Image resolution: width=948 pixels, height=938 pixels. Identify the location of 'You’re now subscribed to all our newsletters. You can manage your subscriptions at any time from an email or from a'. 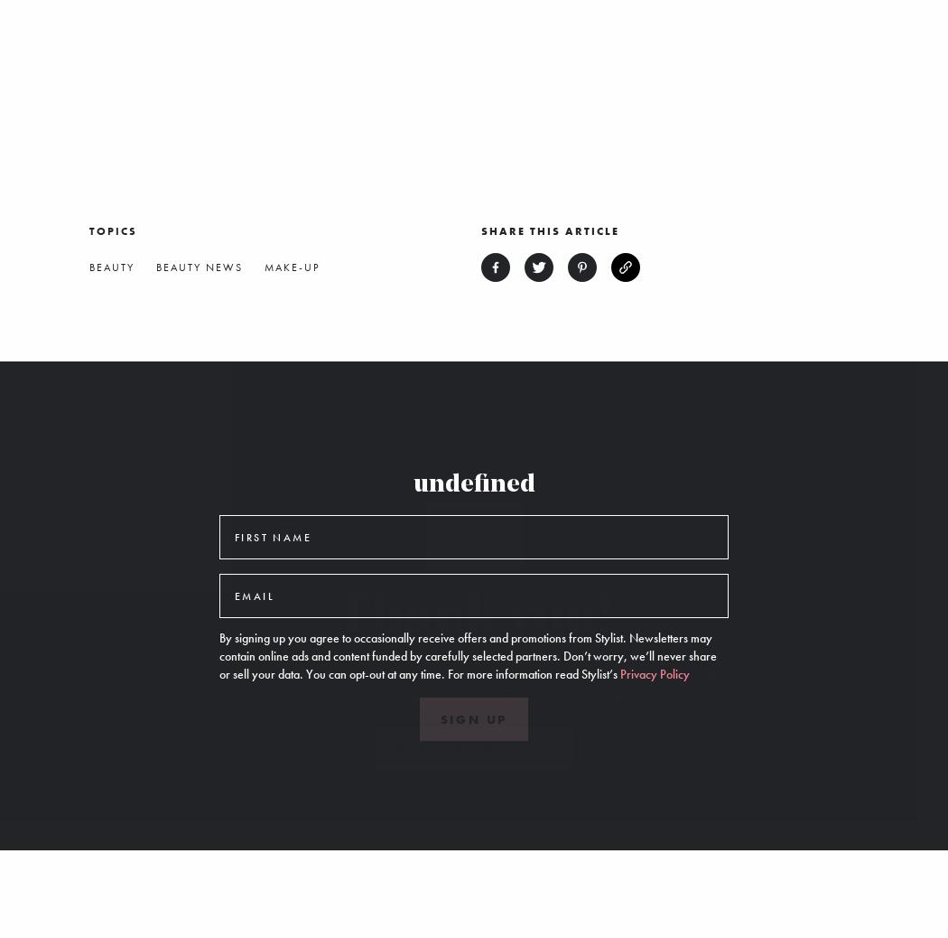
(472, 686).